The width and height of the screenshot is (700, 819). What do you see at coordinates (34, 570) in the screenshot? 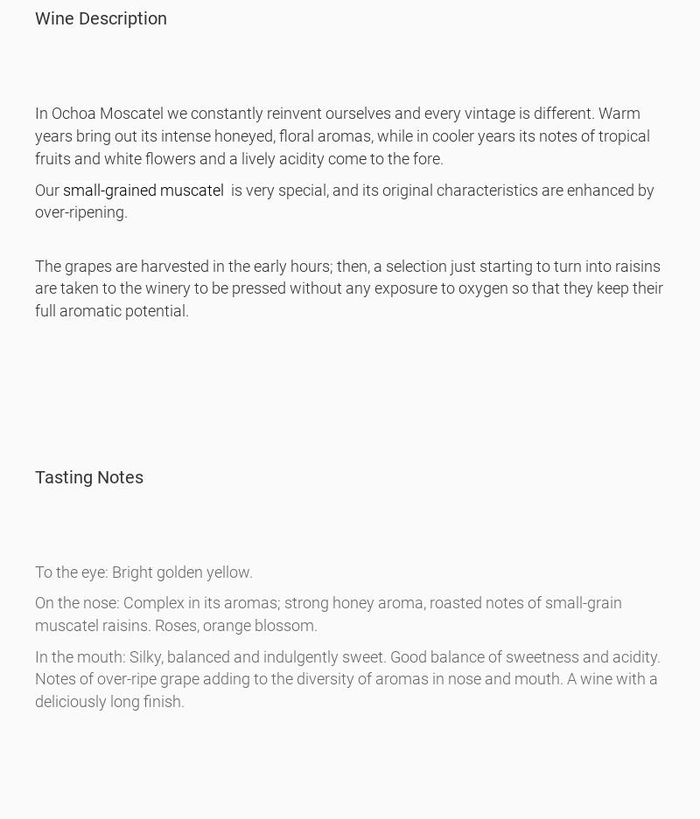
I see `'To the eye: Bright golden yellow.'` at bounding box center [34, 570].